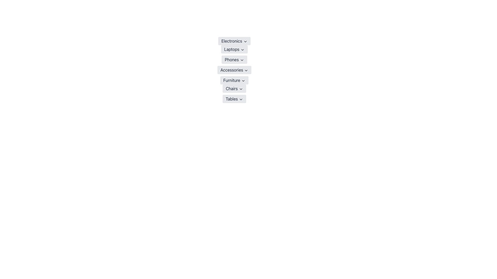 The height and width of the screenshot is (279, 497). What do you see at coordinates (234, 99) in the screenshot?
I see `the 'Tables' dropdown trigger button, which has a light gray background and dark gray text` at bounding box center [234, 99].